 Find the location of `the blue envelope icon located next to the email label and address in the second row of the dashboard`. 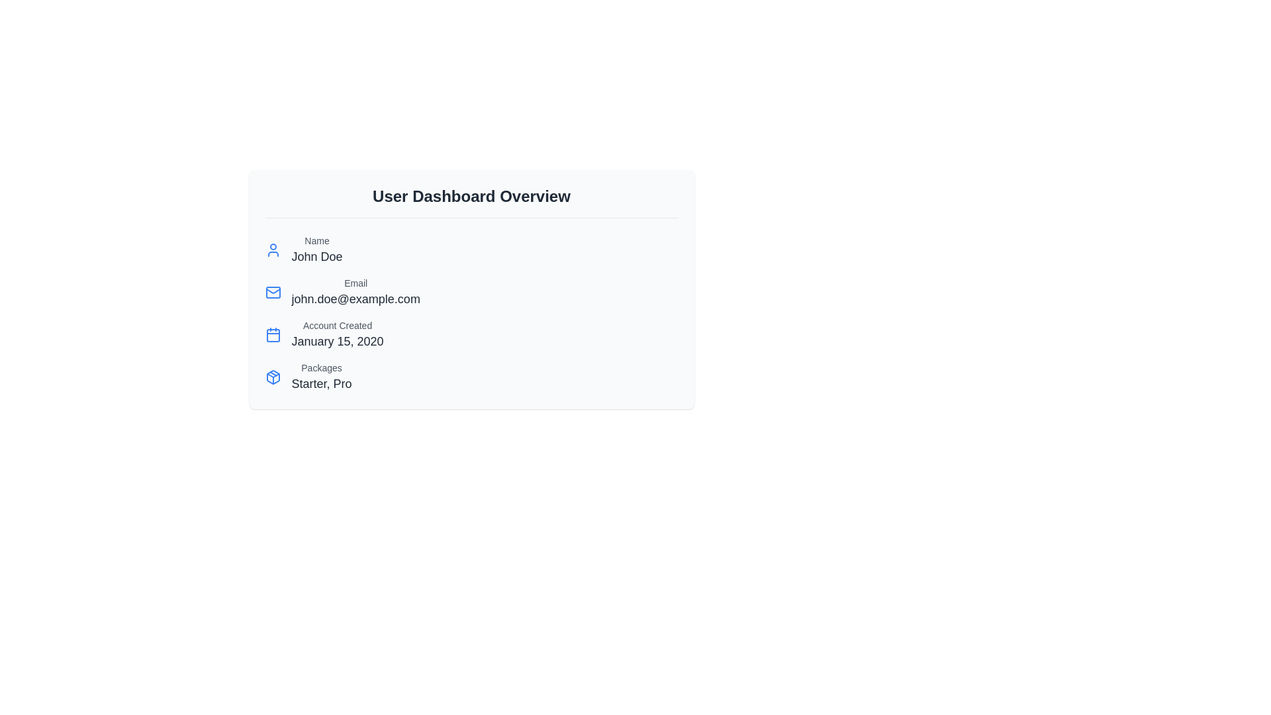

the blue envelope icon located next to the email label and address in the second row of the dashboard is located at coordinates (272, 292).